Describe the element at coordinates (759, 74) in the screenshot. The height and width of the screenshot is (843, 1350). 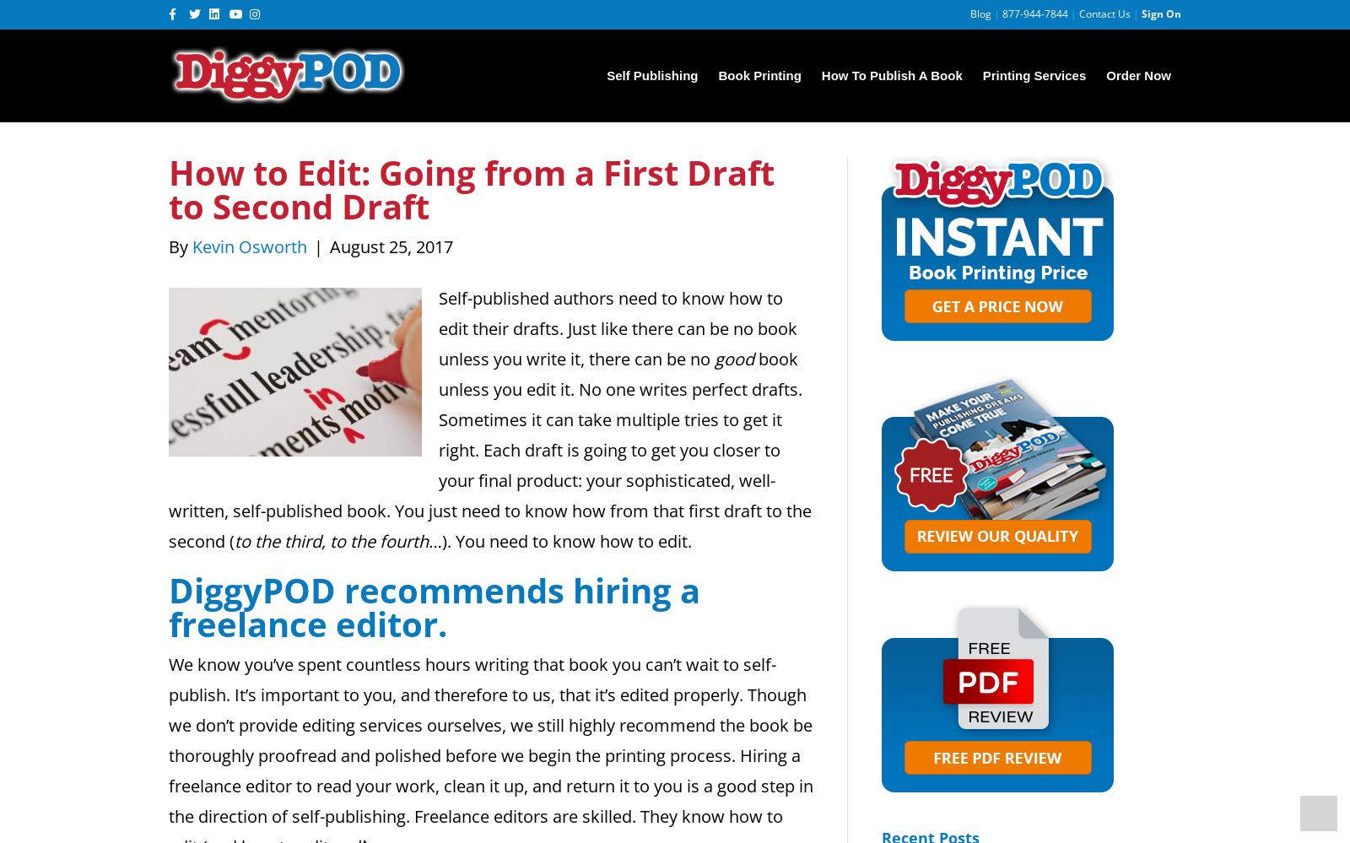
I see `'Book Printing'` at that location.